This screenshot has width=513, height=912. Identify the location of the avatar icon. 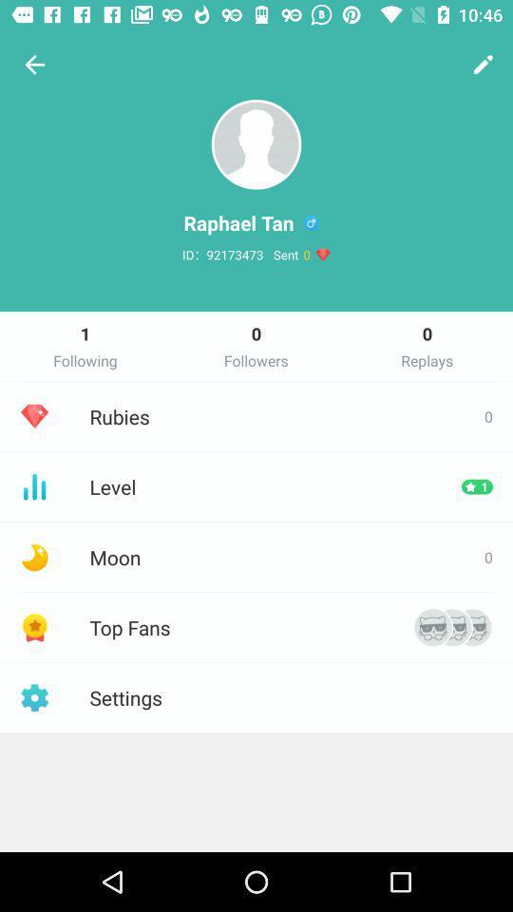
(256, 143).